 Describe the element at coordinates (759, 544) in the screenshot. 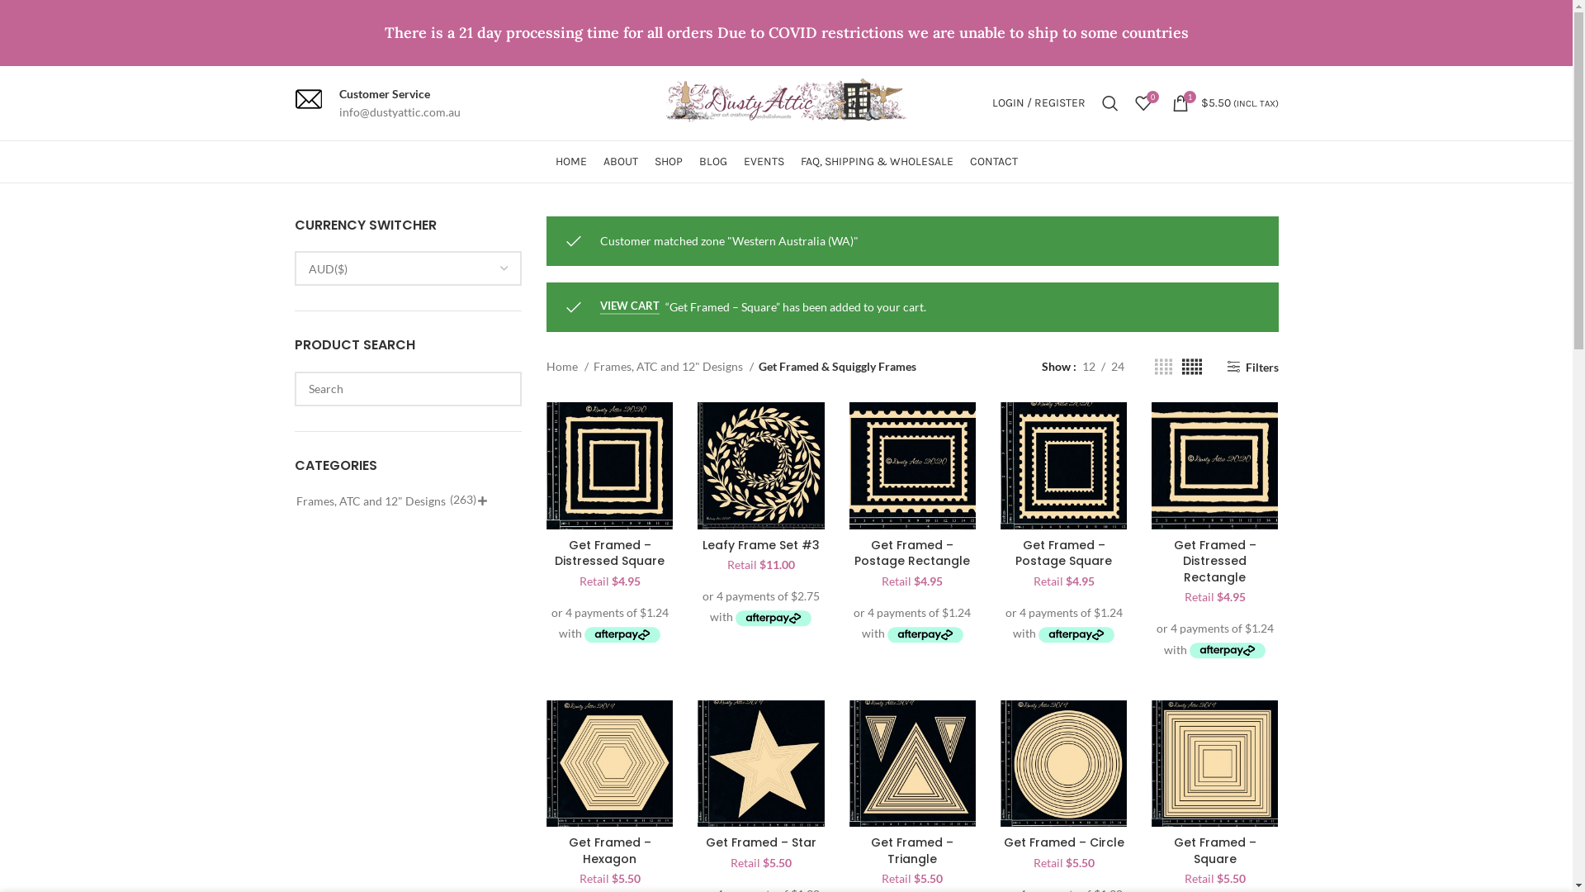

I see `'Leafy Frame Set #3'` at that location.